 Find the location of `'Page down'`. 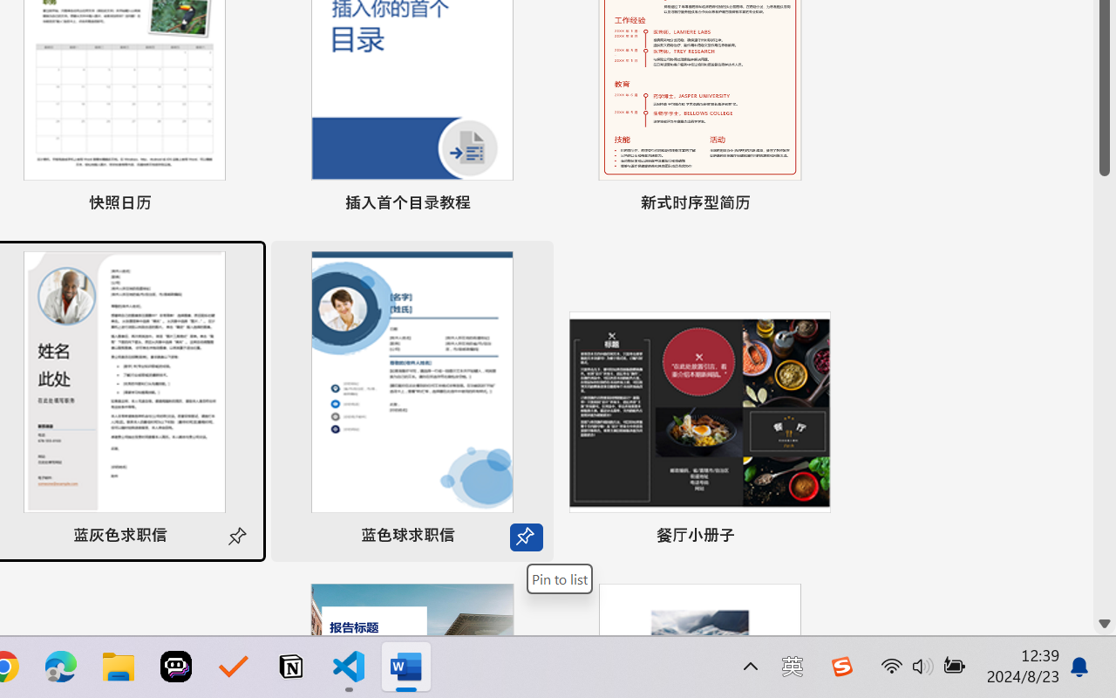

'Page down' is located at coordinates (1104, 393).